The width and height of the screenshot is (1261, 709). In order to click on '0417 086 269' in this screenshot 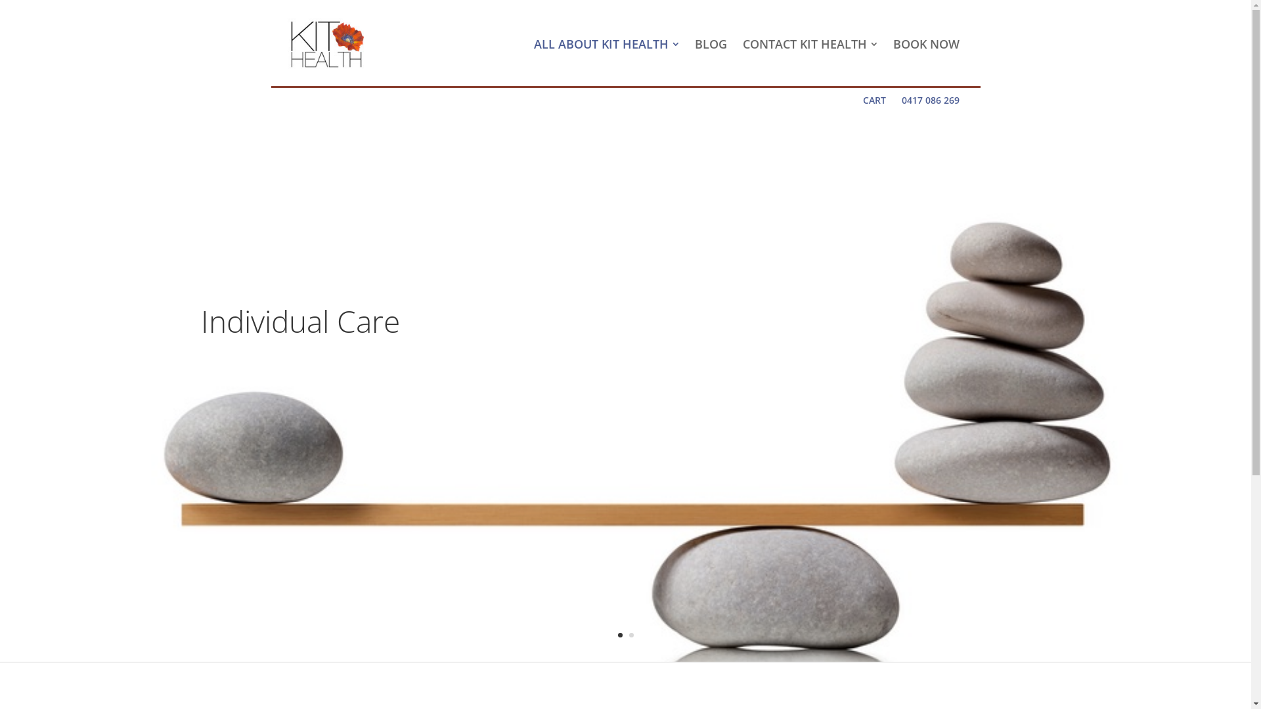, I will do `click(929, 100)`.